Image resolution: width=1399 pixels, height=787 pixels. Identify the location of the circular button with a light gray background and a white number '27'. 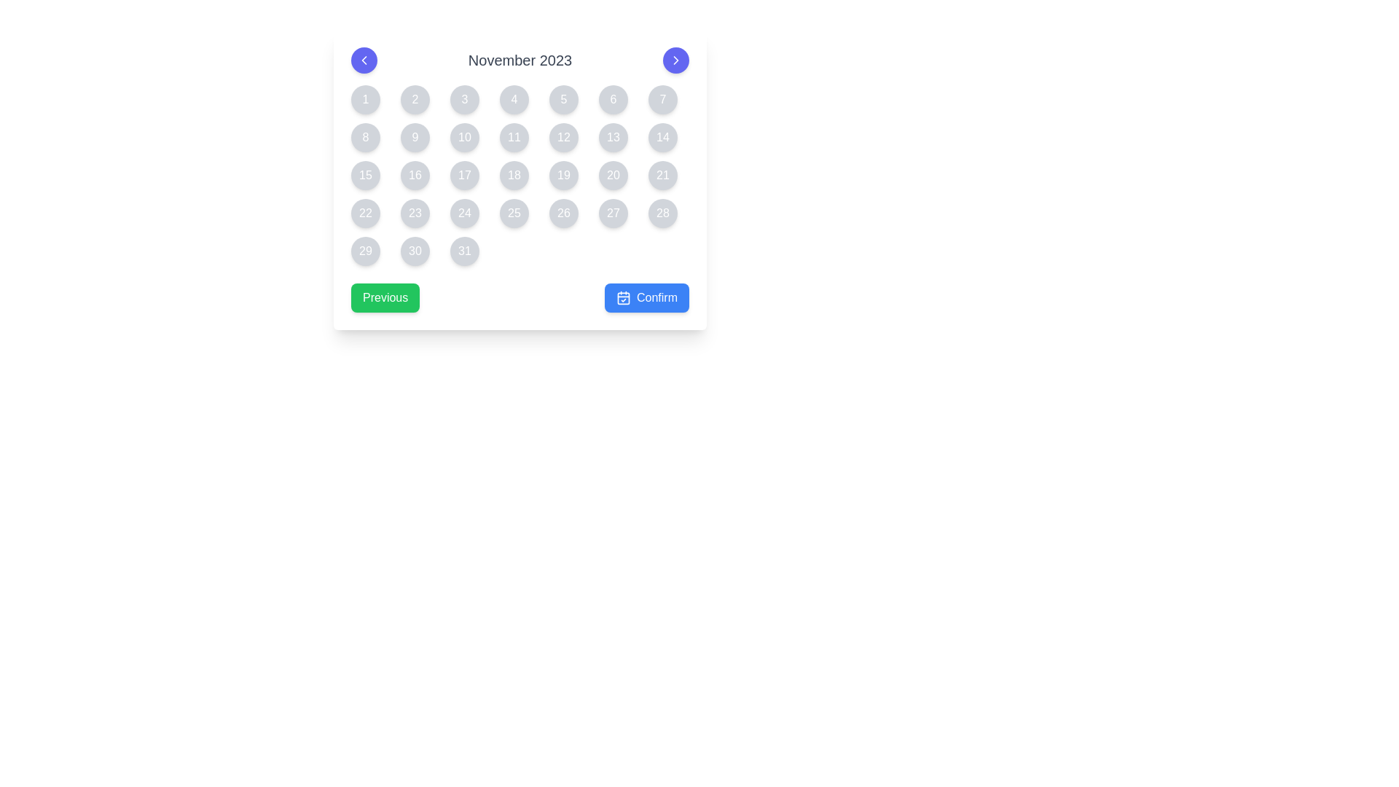
(613, 214).